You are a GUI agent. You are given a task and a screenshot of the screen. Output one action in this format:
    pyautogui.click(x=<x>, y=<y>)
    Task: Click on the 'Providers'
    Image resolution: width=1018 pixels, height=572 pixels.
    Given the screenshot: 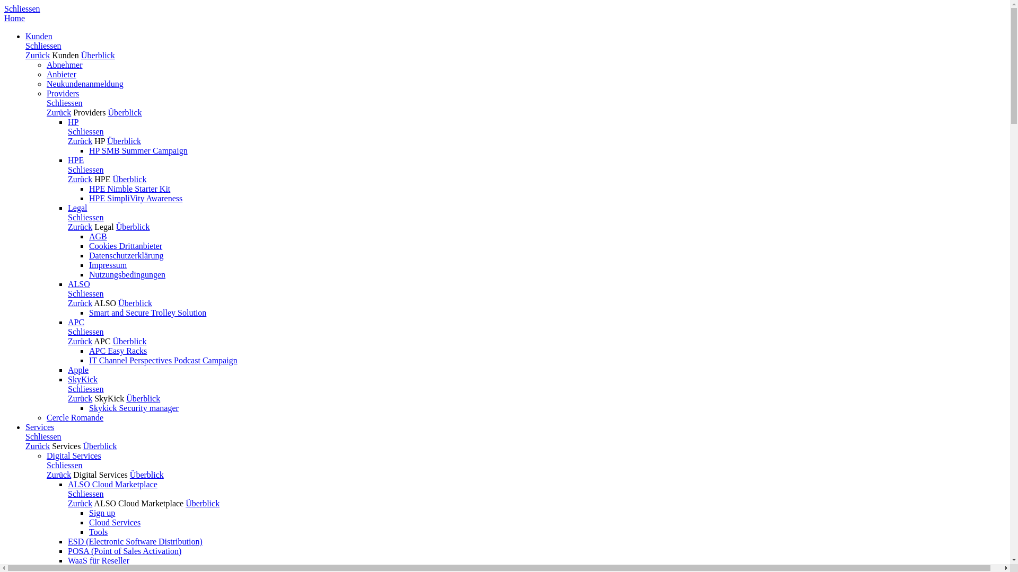 What is the action you would take?
    pyautogui.click(x=89, y=112)
    